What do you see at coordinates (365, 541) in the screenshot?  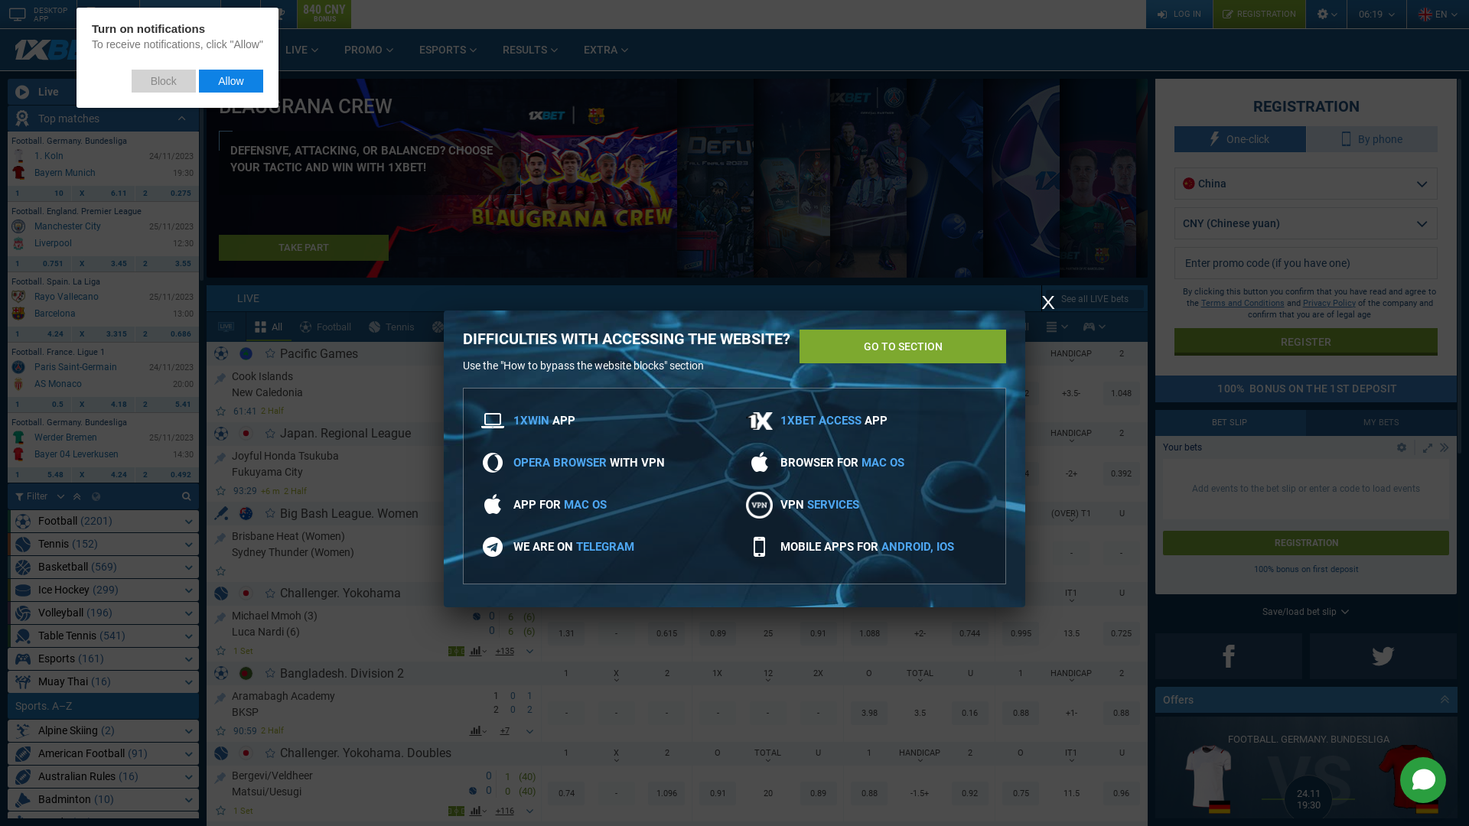 I see `'Brisbane Heat (Women)` at bounding box center [365, 541].